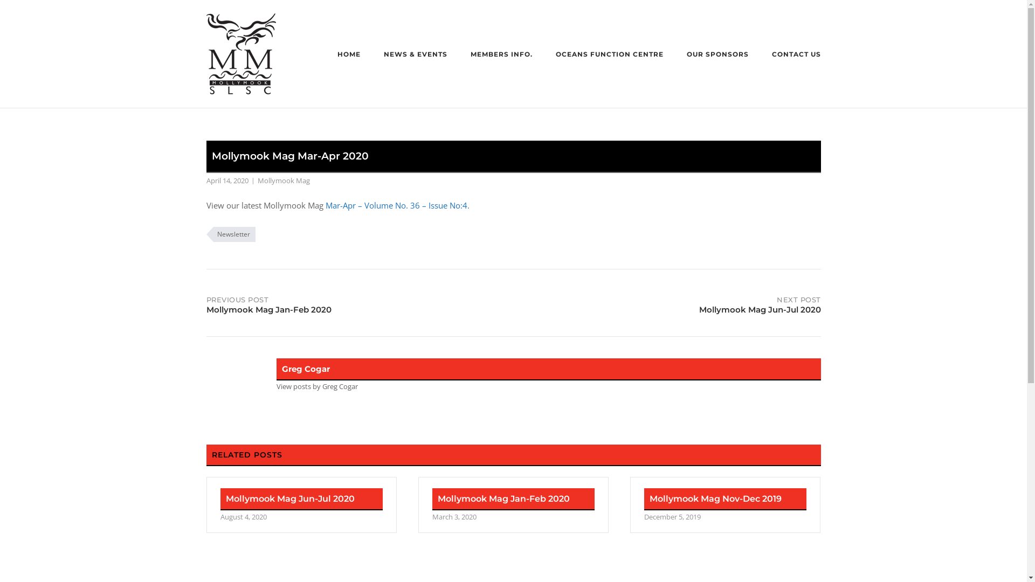 This screenshot has height=582, width=1035. Describe the element at coordinates (349, 56) in the screenshot. I see `'HOME'` at that location.